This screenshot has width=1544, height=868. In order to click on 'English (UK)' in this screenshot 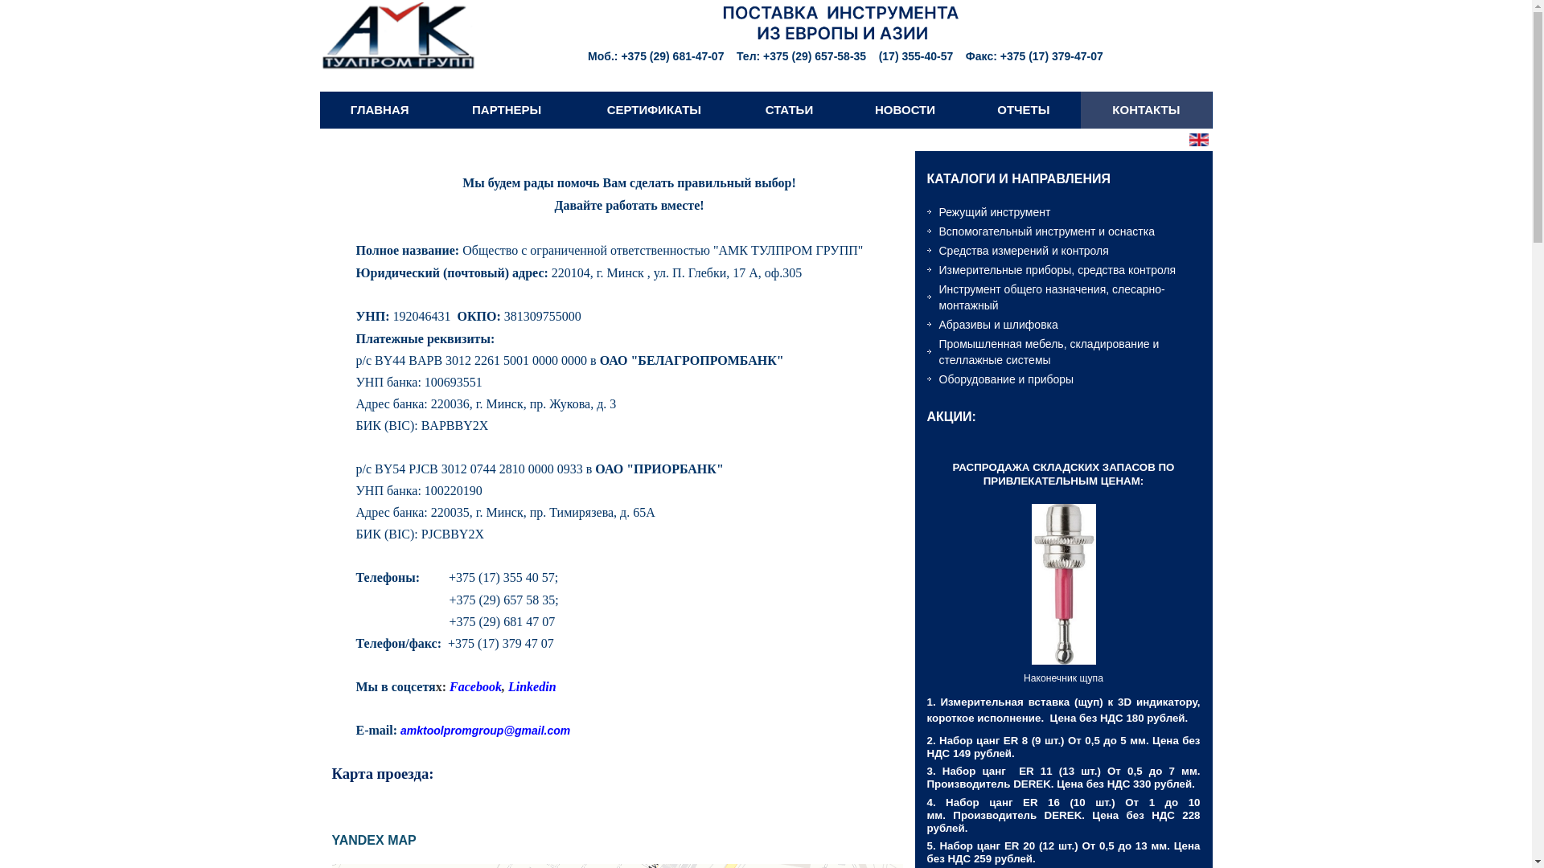, I will do `click(1197, 138)`.